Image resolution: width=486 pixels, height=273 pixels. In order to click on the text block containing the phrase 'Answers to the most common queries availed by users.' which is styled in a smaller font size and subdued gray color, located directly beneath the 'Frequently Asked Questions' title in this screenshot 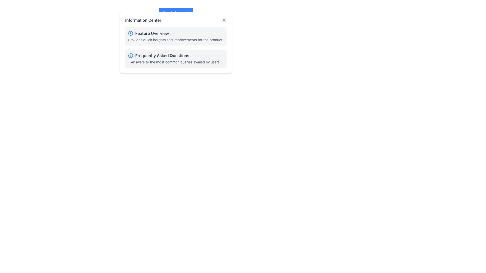, I will do `click(176, 62)`.